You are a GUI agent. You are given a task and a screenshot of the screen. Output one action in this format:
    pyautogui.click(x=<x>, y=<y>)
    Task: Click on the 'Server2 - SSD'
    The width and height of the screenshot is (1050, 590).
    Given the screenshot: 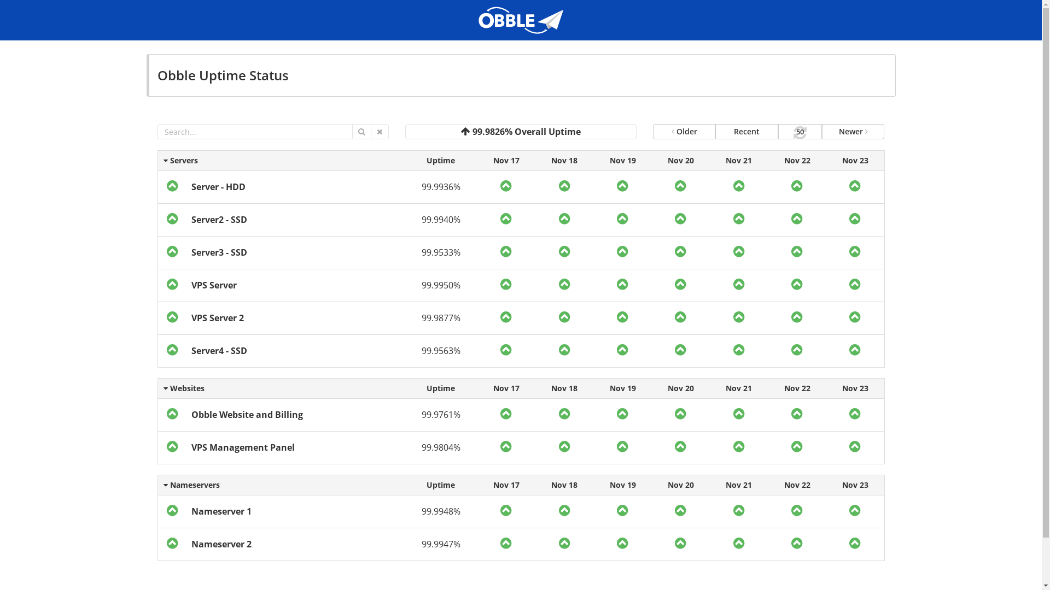 What is the action you would take?
    pyautogui.click(x=219, y=219)
    